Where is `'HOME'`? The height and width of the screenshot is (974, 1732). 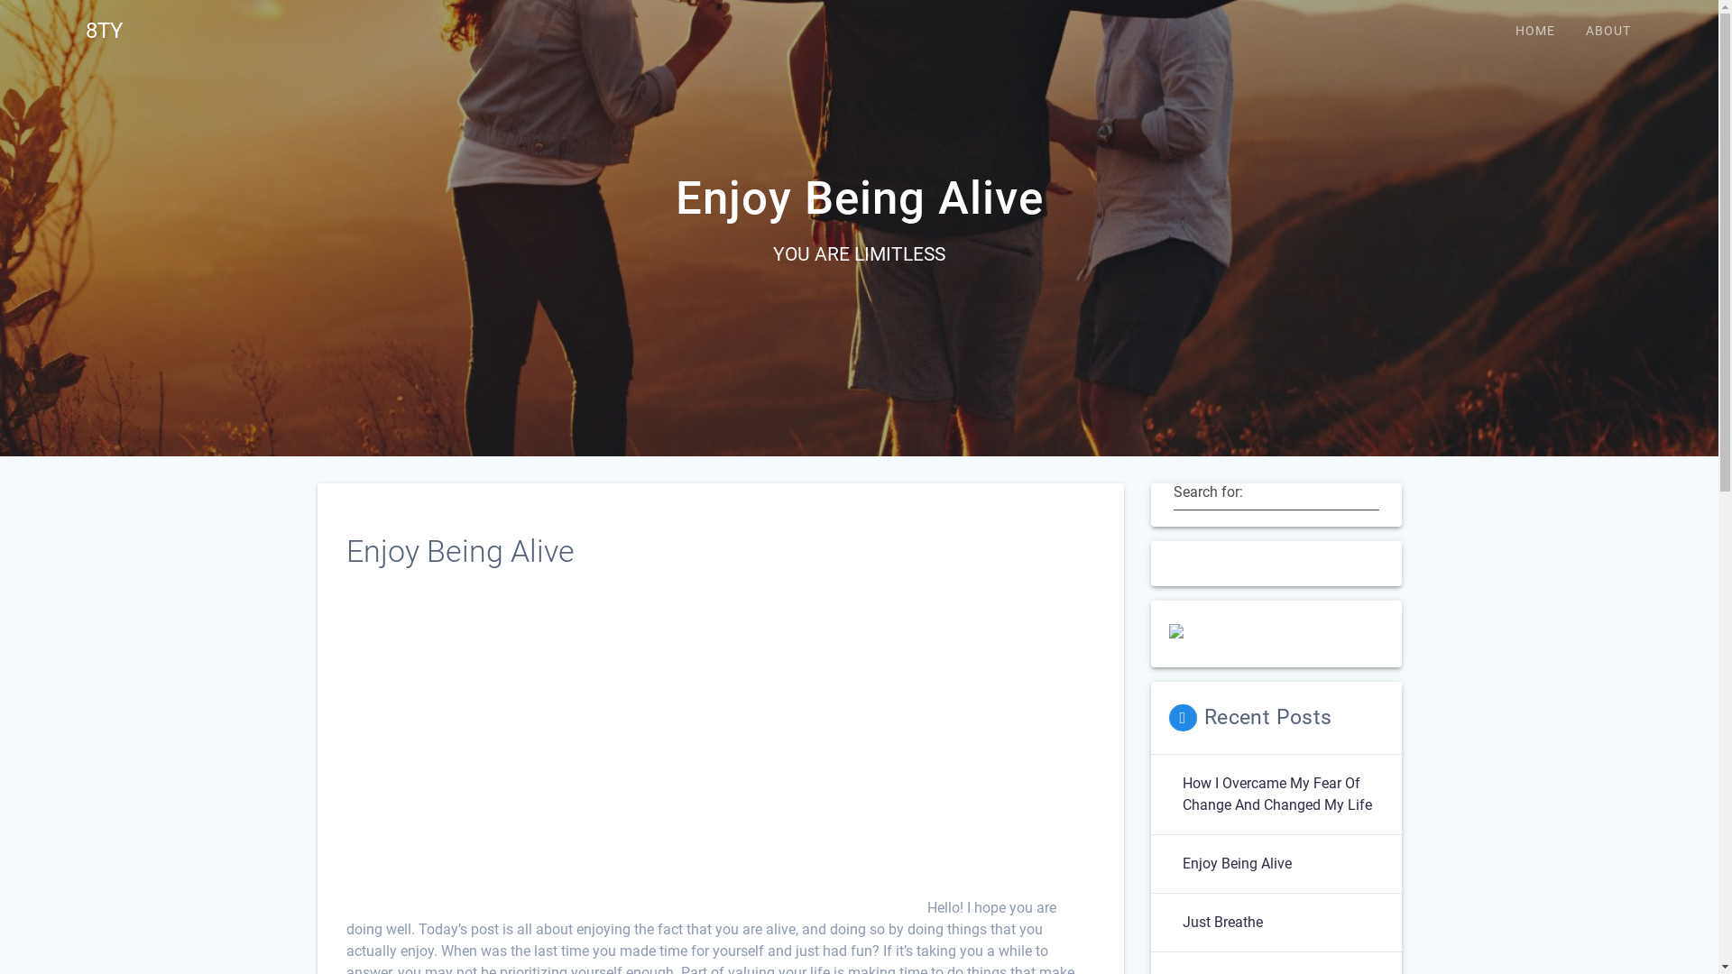
'HOME' is located at coordinates (1534, 31).